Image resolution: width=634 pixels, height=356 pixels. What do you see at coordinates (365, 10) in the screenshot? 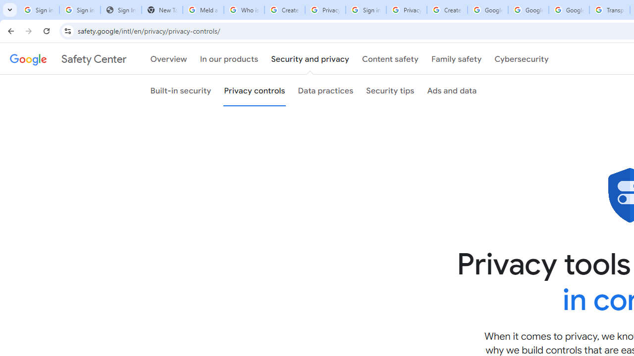
I see `'Sign in - Google Accounts'` at bounding box center [365, 10].